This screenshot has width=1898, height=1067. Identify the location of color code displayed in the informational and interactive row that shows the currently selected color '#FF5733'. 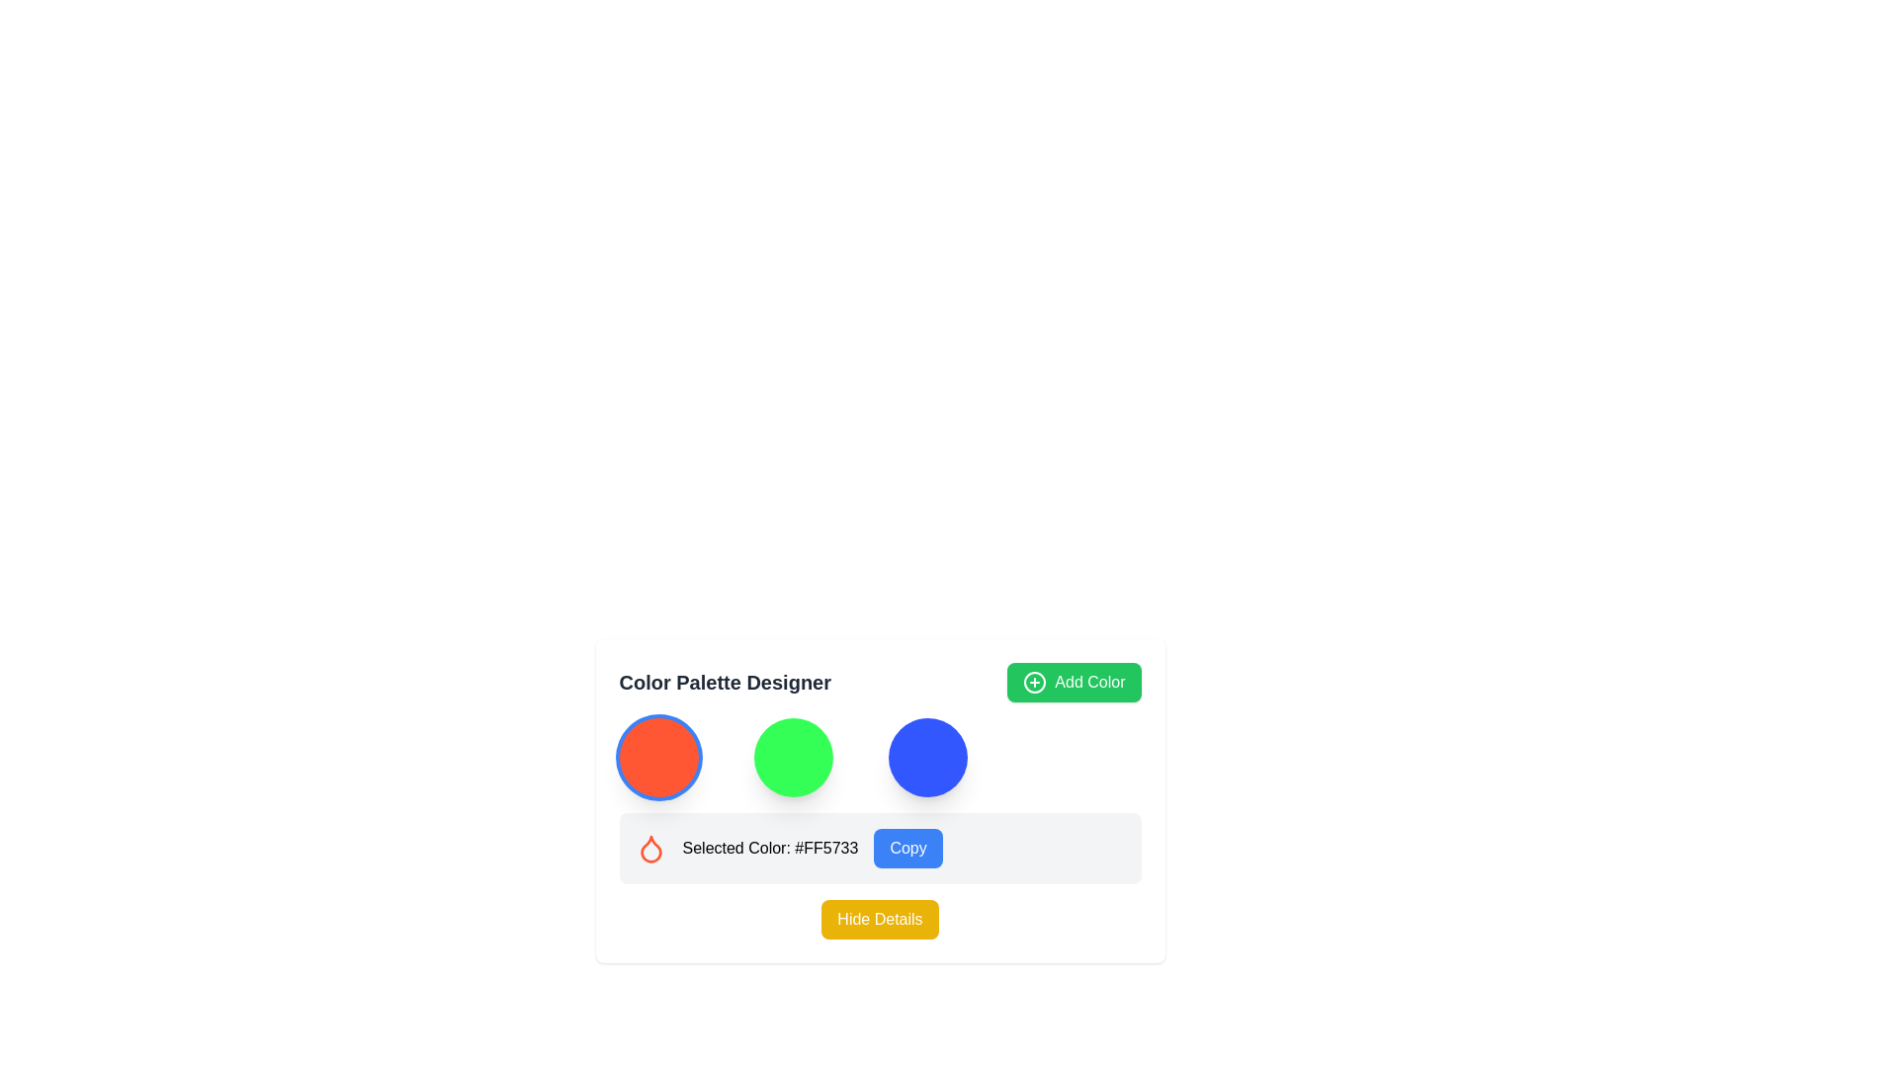
(879, 848).